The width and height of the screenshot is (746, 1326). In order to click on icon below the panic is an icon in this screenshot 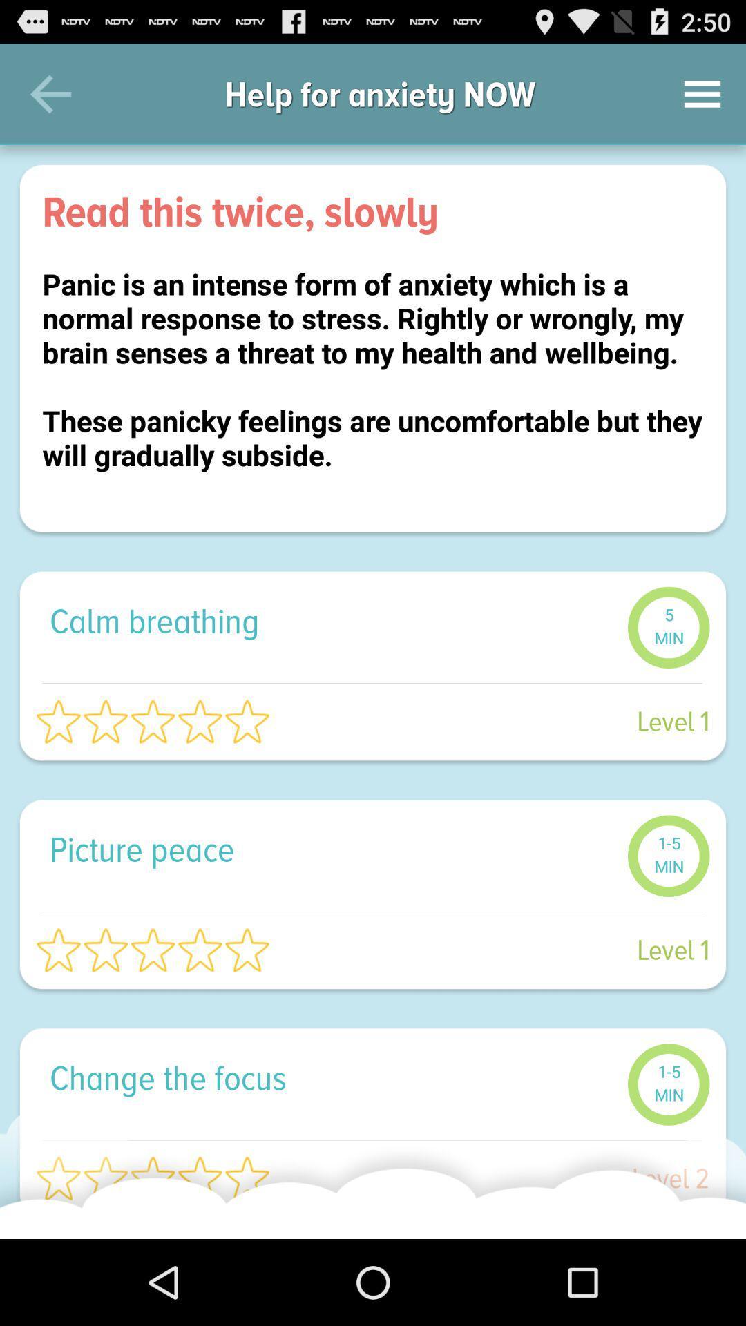, I will do `click(331, 620)`.